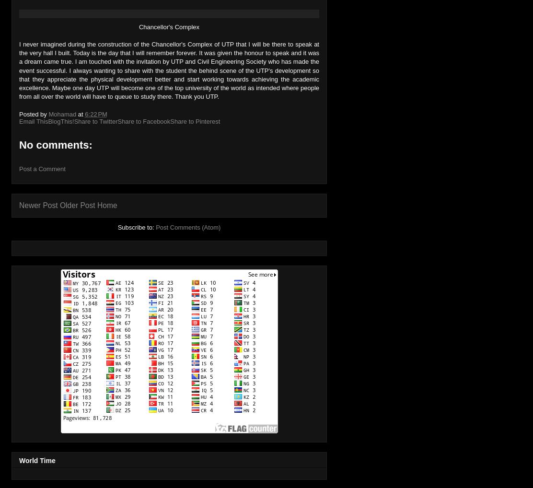 Image resolution: width=533 pixels, height=488 pixels. What do you see at coordinates (77, 205) in the screenshot?
I see `'Older Post'` at bounding box center [77, 205].